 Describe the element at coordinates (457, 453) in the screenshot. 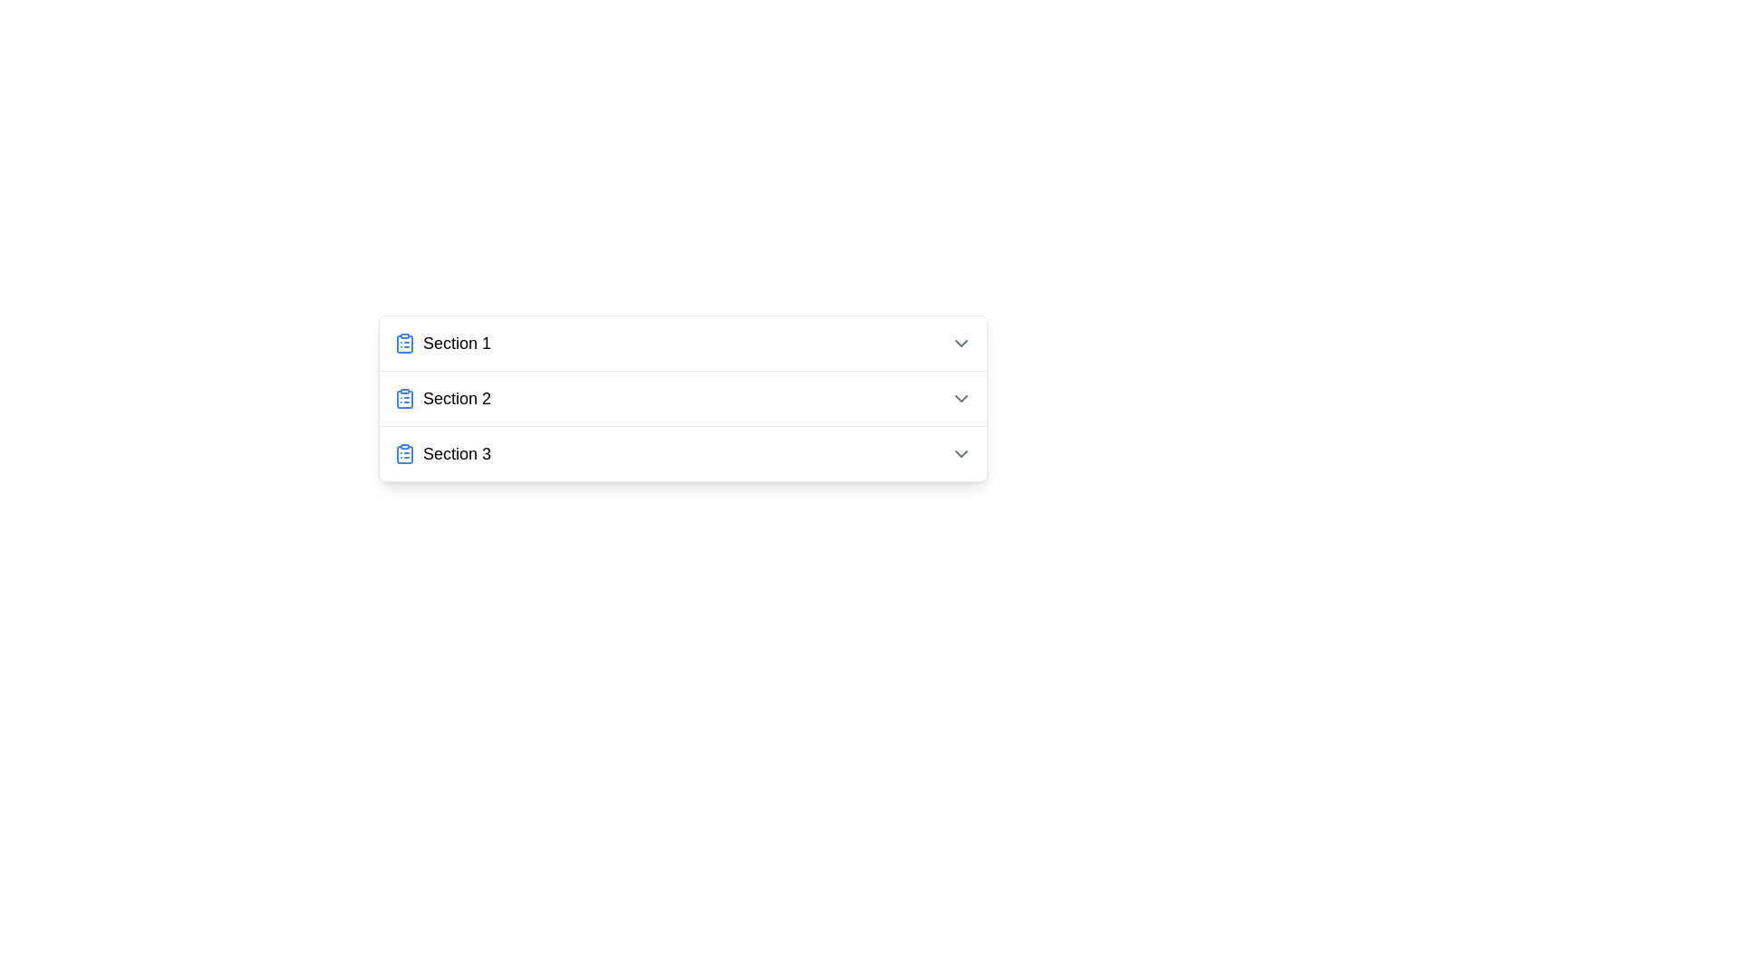

I see `the static text label that reads 'Section 3'` at that location.